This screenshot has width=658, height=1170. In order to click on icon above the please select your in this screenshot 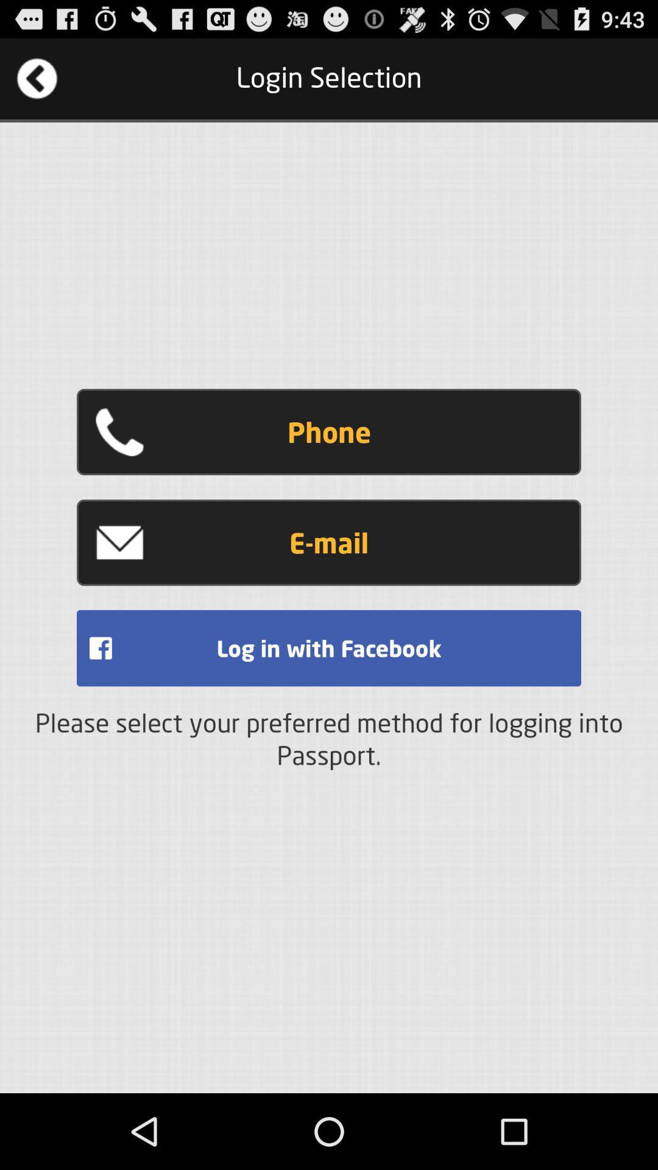, I will do `click(329, 647)`.